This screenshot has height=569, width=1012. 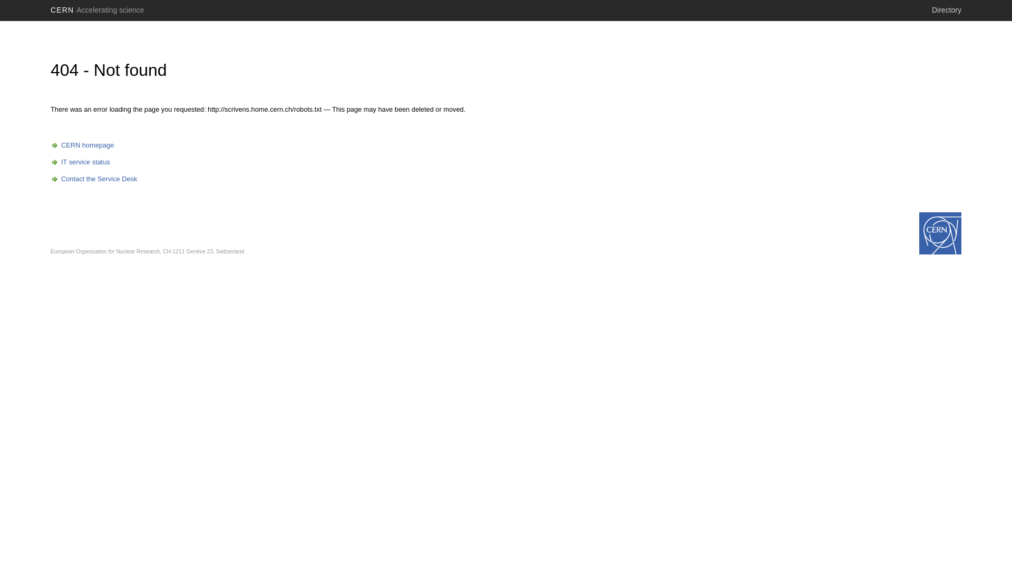 I want to click on 'Contact the Service Desk', so click(x=93, y=178).